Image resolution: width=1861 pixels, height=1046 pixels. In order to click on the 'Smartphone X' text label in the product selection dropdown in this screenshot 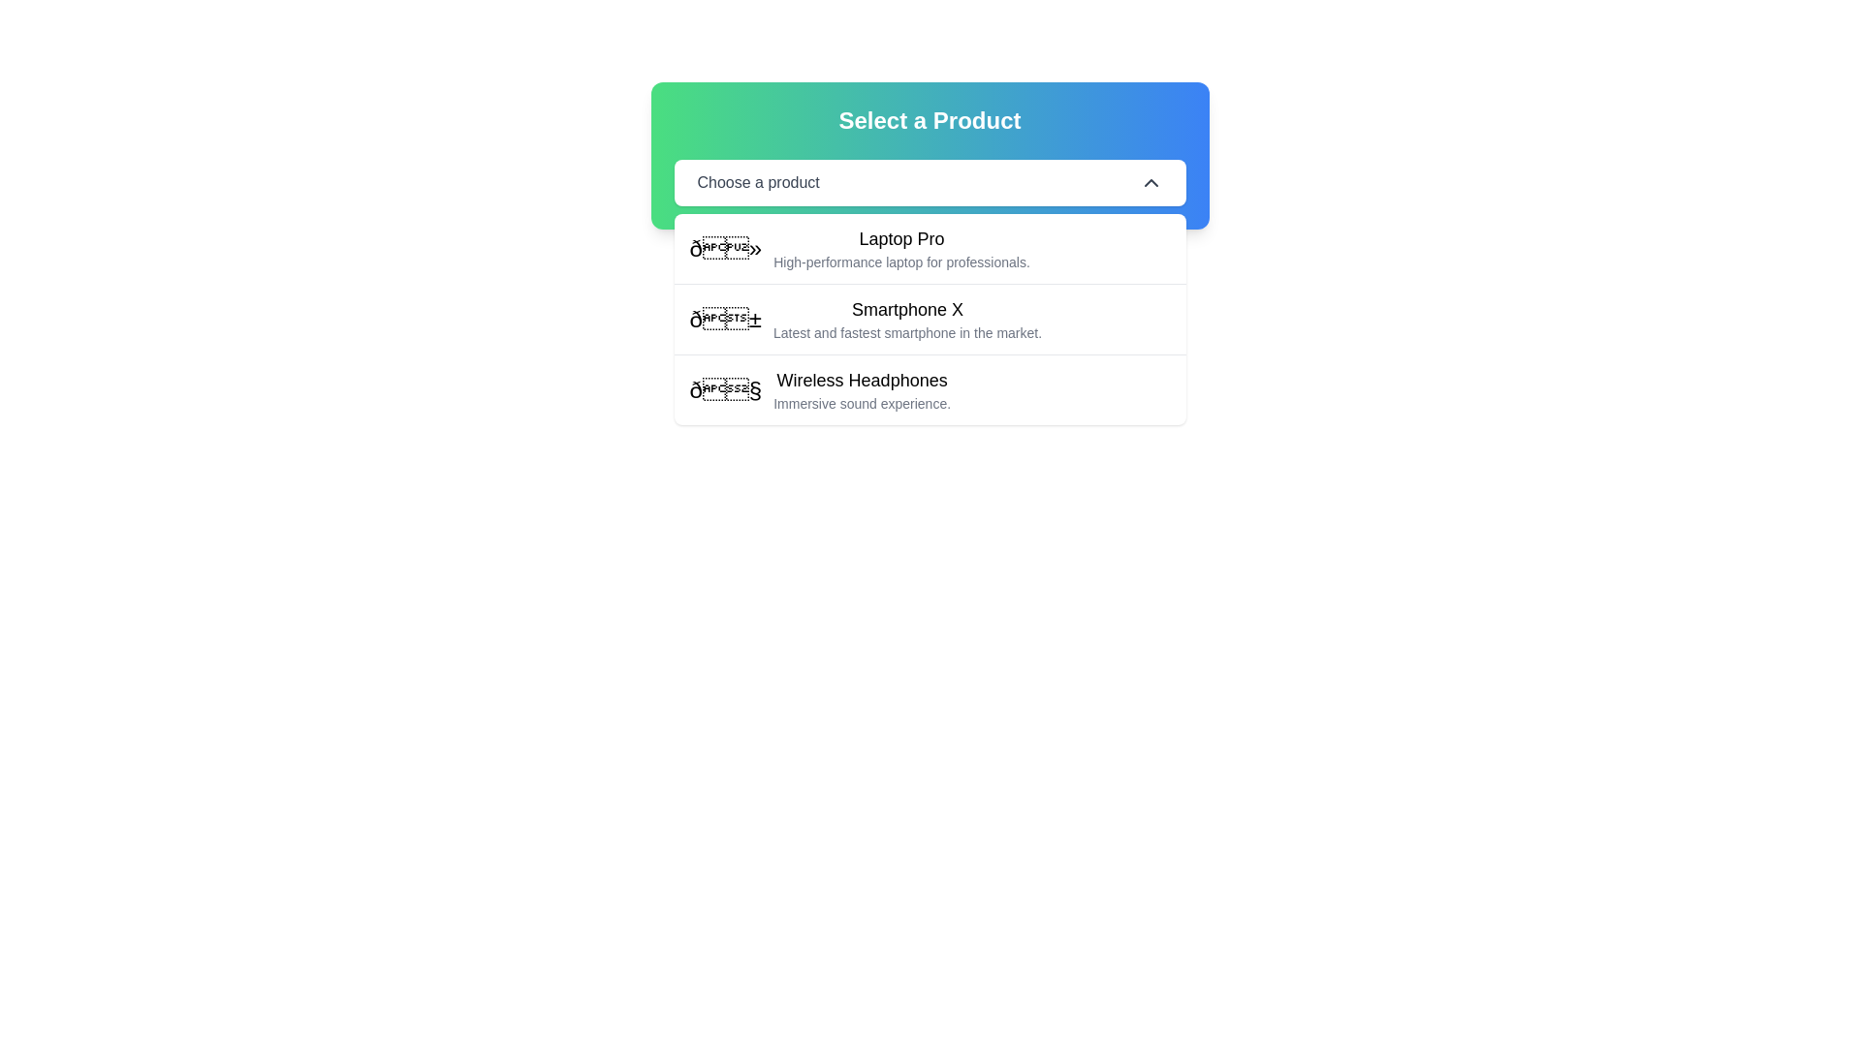, I will do `click(906, 309)`.